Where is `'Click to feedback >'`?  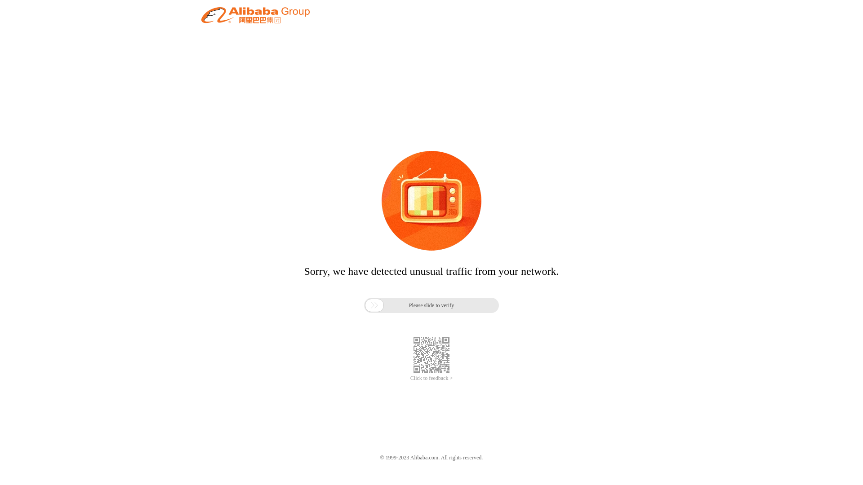
'Click to feedback >' is located at coordinates (431, 378).